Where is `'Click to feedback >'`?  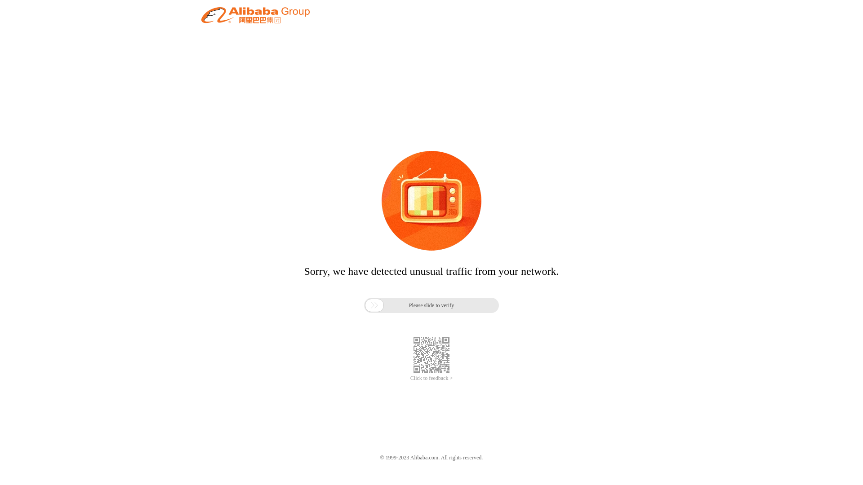
'Click to feedback >' is located at coordinates (431, 378).